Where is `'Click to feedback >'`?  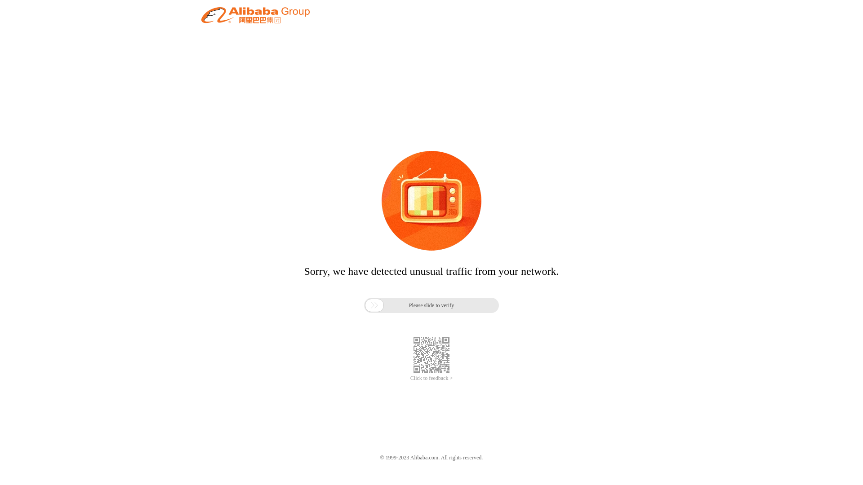
'Click to feedback >' is located at coordinates (431, 378).